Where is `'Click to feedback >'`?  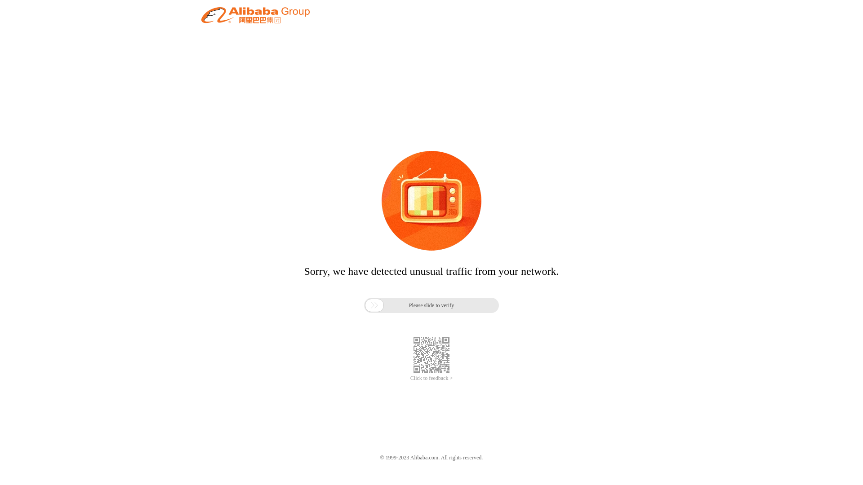
'Click to feedback >' is located at coordinates (431, 378).